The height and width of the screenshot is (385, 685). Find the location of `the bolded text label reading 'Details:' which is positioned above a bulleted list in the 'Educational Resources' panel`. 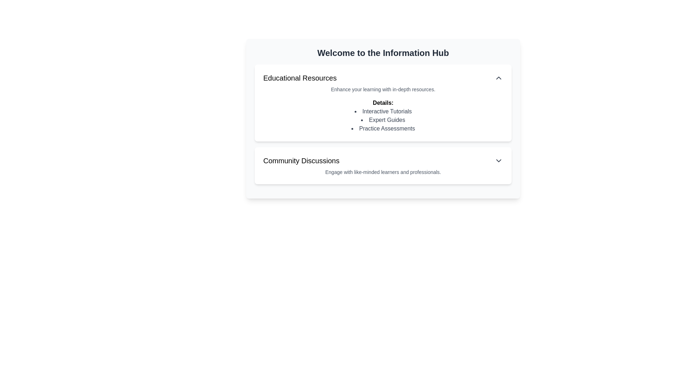

the bolded text label reading 'Details:' which is positioned above a bulleted list in the 'Educational Resources' panel is located at coordinates (383, 103).